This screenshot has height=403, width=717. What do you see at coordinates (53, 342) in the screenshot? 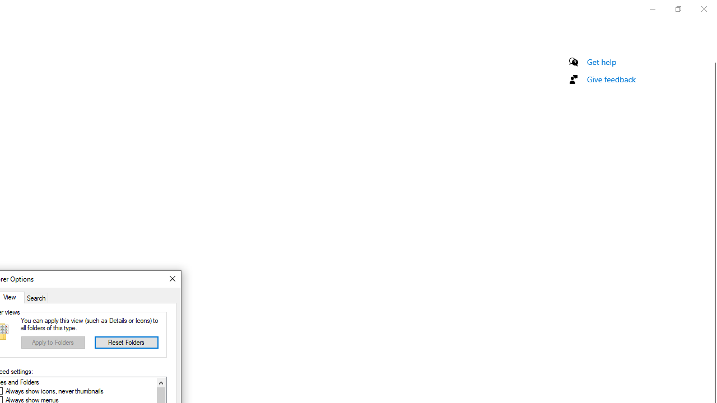
I see `'Apply to Folders'` at bounding box center [53, 342].